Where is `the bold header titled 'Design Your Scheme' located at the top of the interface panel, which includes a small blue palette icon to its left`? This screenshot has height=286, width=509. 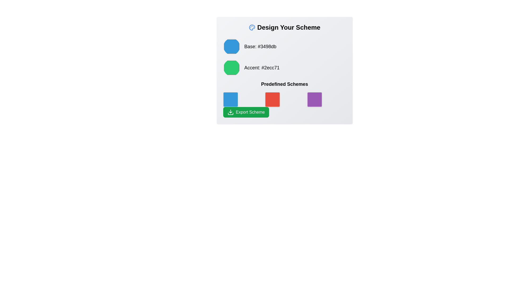
the bold header titled 'Design Your Scheme' located at the top of the interface panel, which includes a small blue palette icon to its left is located at coordinates (284, 28).